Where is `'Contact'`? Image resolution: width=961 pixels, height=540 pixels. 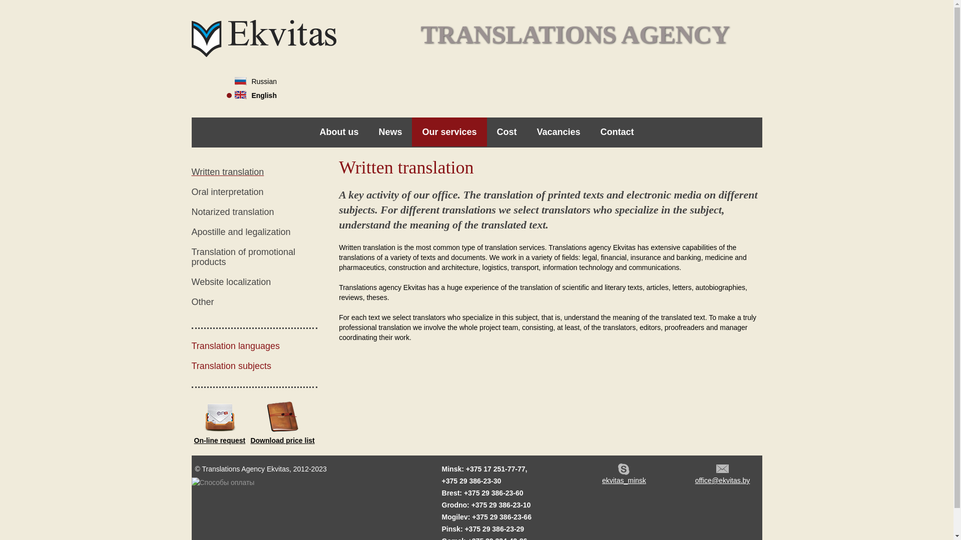 'Contact' is located at coordinates (617, 131).